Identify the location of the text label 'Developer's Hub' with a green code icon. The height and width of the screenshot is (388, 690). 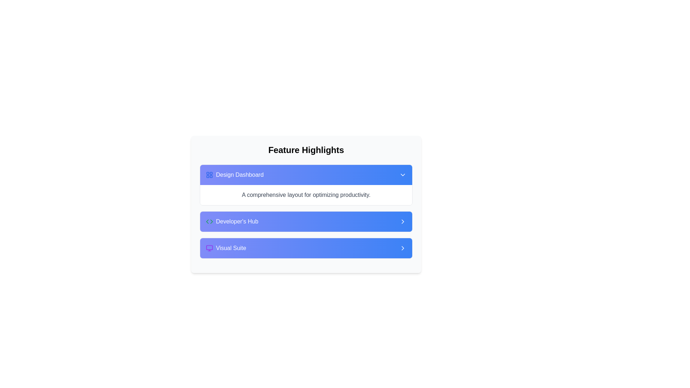
(232, 221).